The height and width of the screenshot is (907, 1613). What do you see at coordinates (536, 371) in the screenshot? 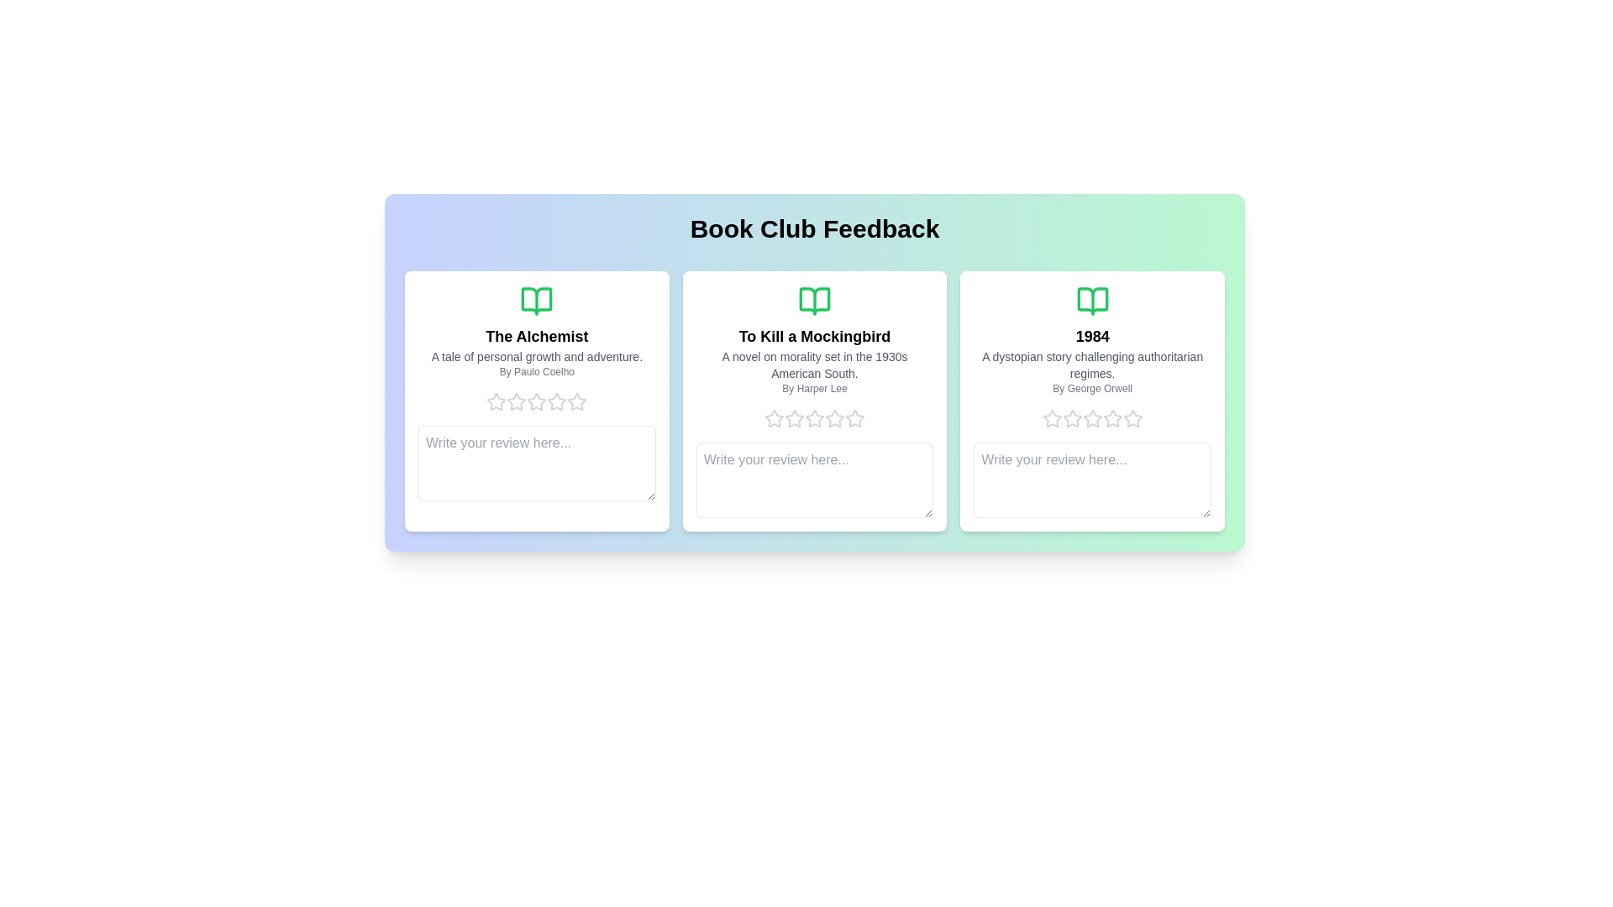
I see `the text label displaying 'By Paulo Coelho', which is styled with a small, thin gray font and is located within the card layout for the book 'The Alchemist', positioned below the subheading and above the star rating section` at bounding box center [536, 371].